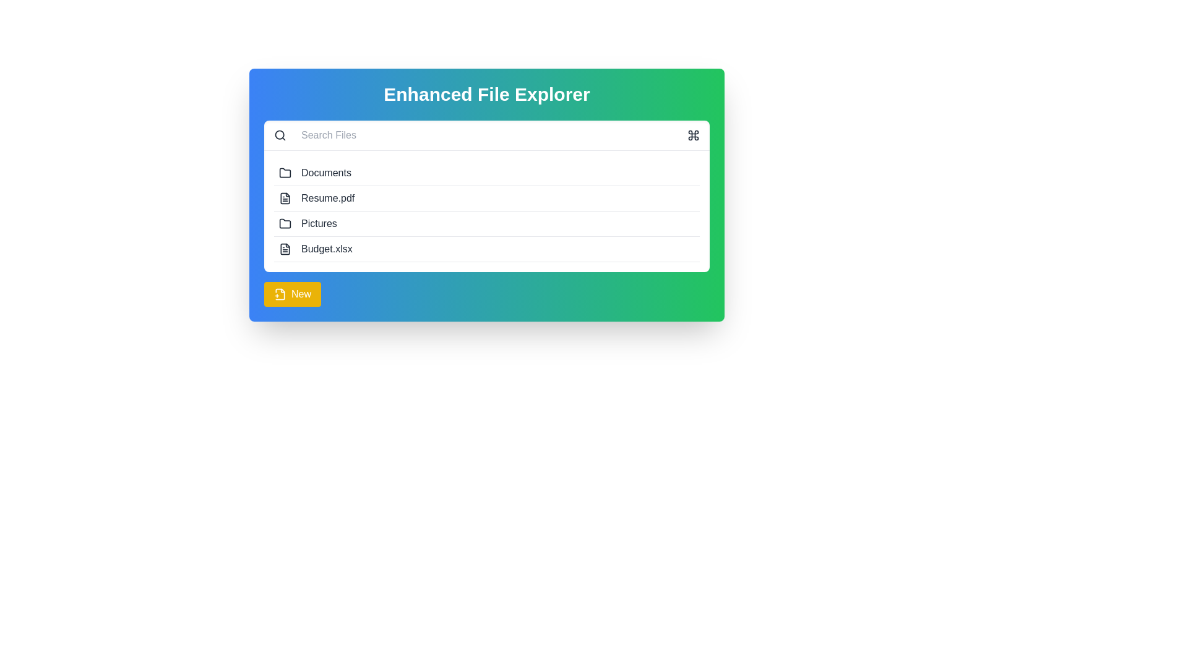 Image resolution: width=1188 pixels, height=668 pixels. Describe the element at coordinates (284, 197) in the screenshot. I see `the document icon representing the file 'Resume.pdf' in the file listing section` at that location.